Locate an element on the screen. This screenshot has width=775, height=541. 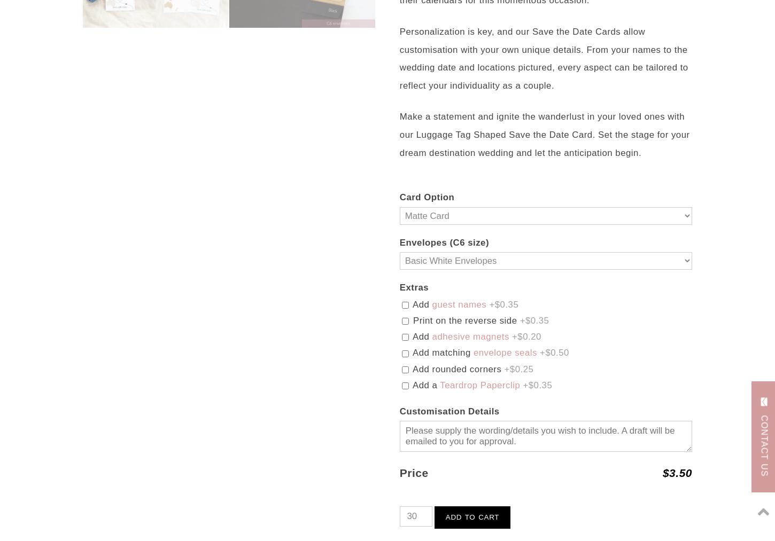
'Customisation Details' is located at coordinates (449, 411).